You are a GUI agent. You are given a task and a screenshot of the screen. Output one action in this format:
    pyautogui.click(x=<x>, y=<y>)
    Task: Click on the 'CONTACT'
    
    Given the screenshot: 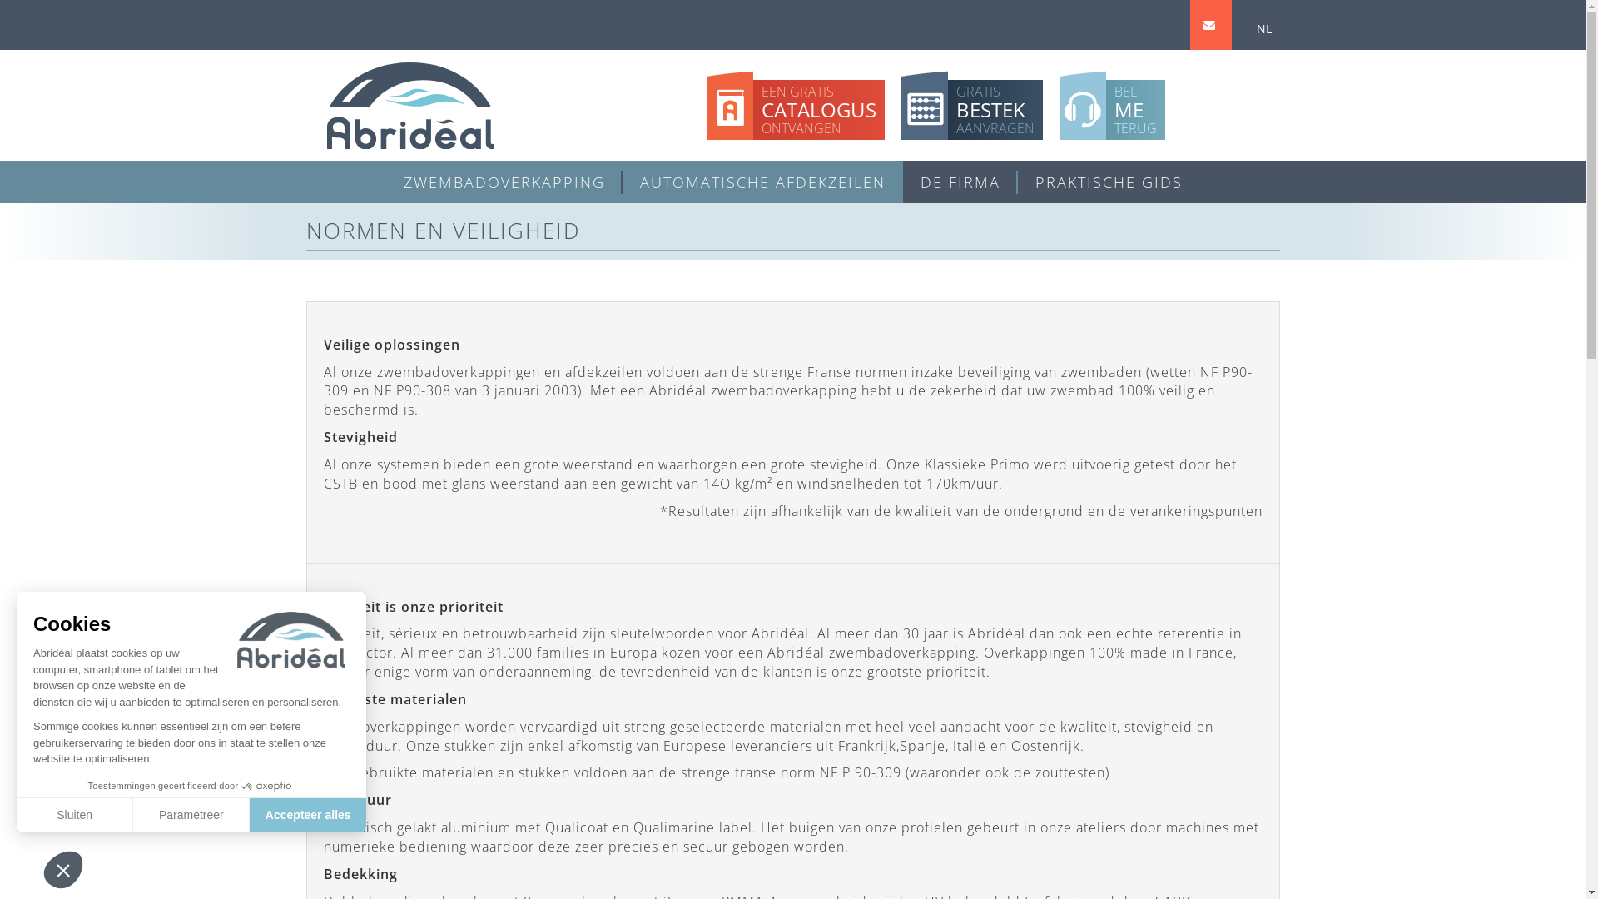 What is the action you would take?
    pyautogui.click(x=1210, y=27)
    